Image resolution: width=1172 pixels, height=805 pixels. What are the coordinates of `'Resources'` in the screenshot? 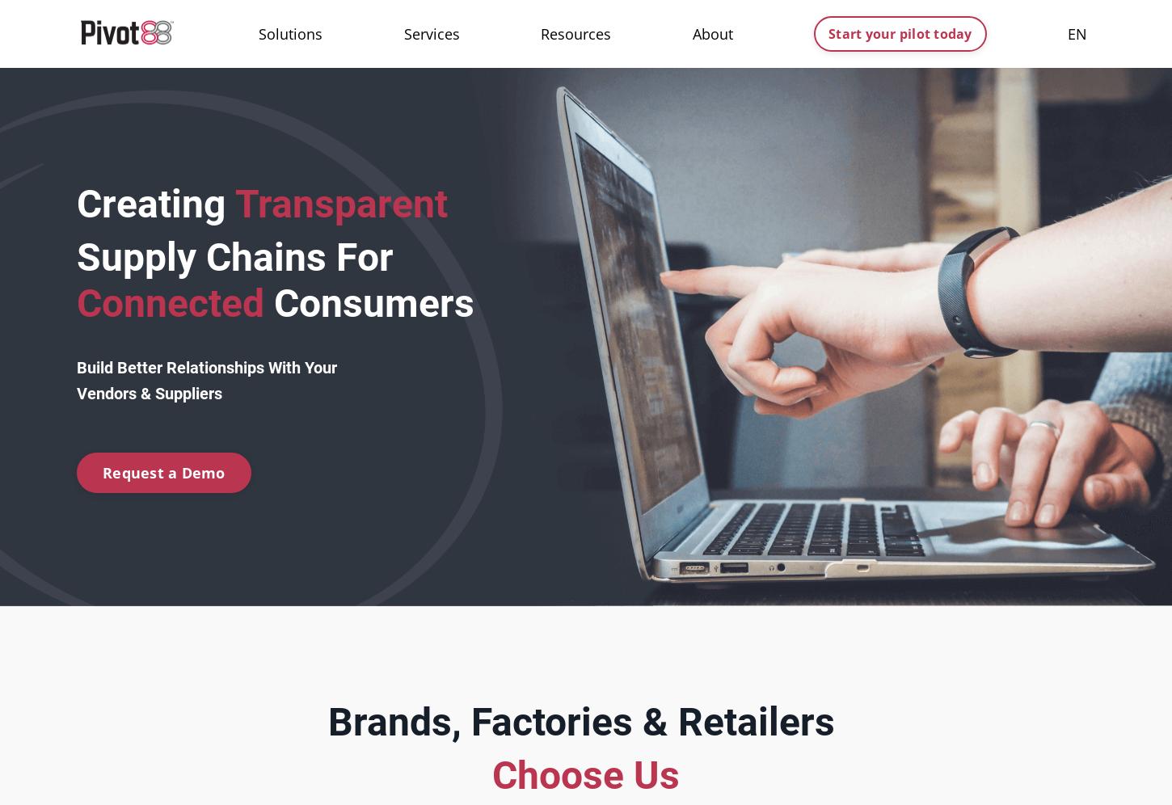 It's located at (575, 33).